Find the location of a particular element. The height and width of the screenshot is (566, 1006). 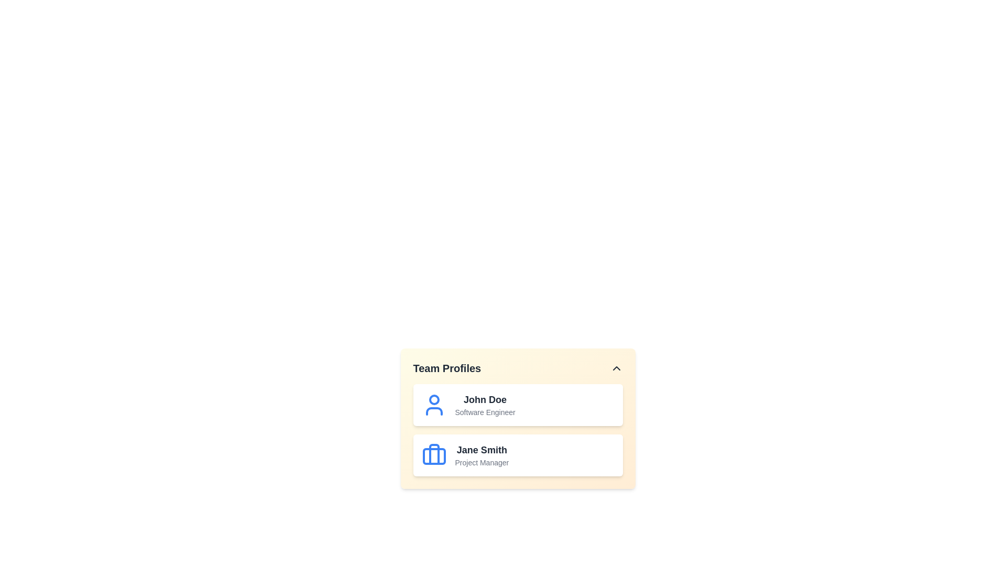

individual's name and job title displayed in the text area located within the white card to the right of the user profile icon in the Team Profiles section is located at coordinates (485, 404).